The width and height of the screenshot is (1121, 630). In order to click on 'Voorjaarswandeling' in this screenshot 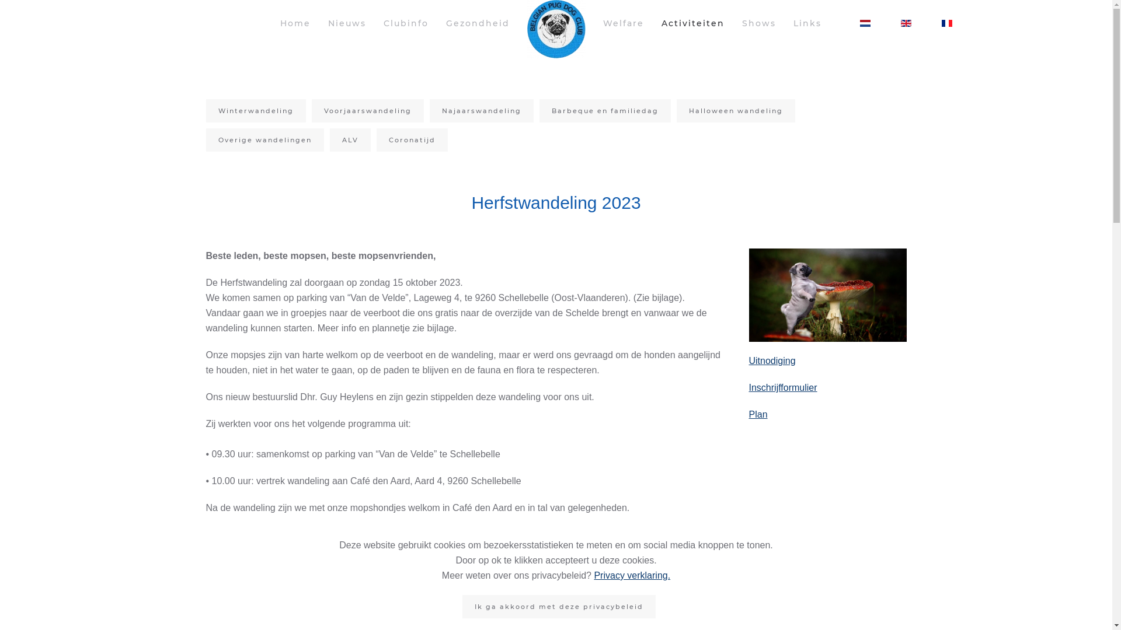, I will do `click(367, 110)`.